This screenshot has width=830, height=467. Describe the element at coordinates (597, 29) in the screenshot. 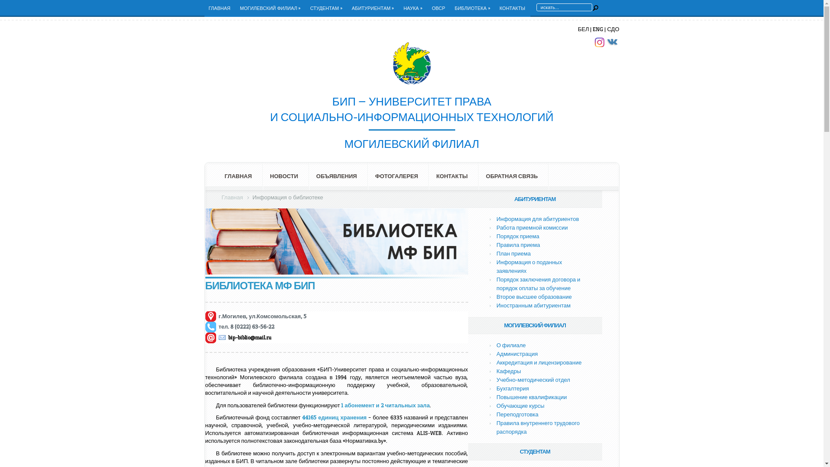

I see `'ENG'` at that location.